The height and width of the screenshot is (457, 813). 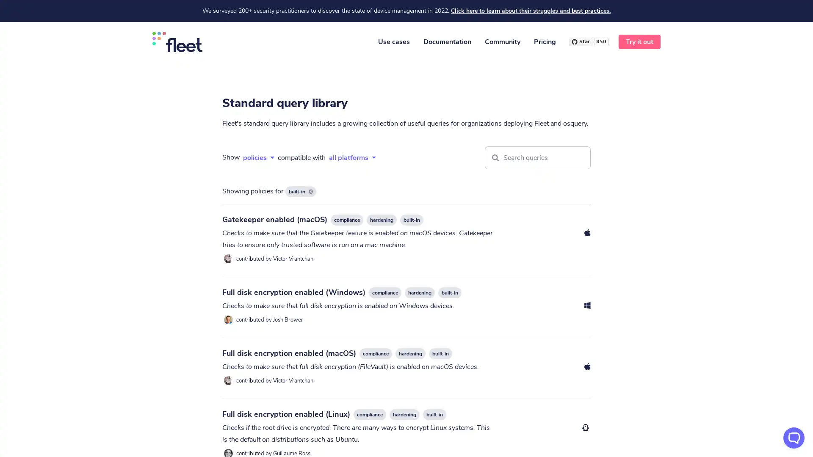 I want to click on Open chat widget, so click(x=794, y=438).